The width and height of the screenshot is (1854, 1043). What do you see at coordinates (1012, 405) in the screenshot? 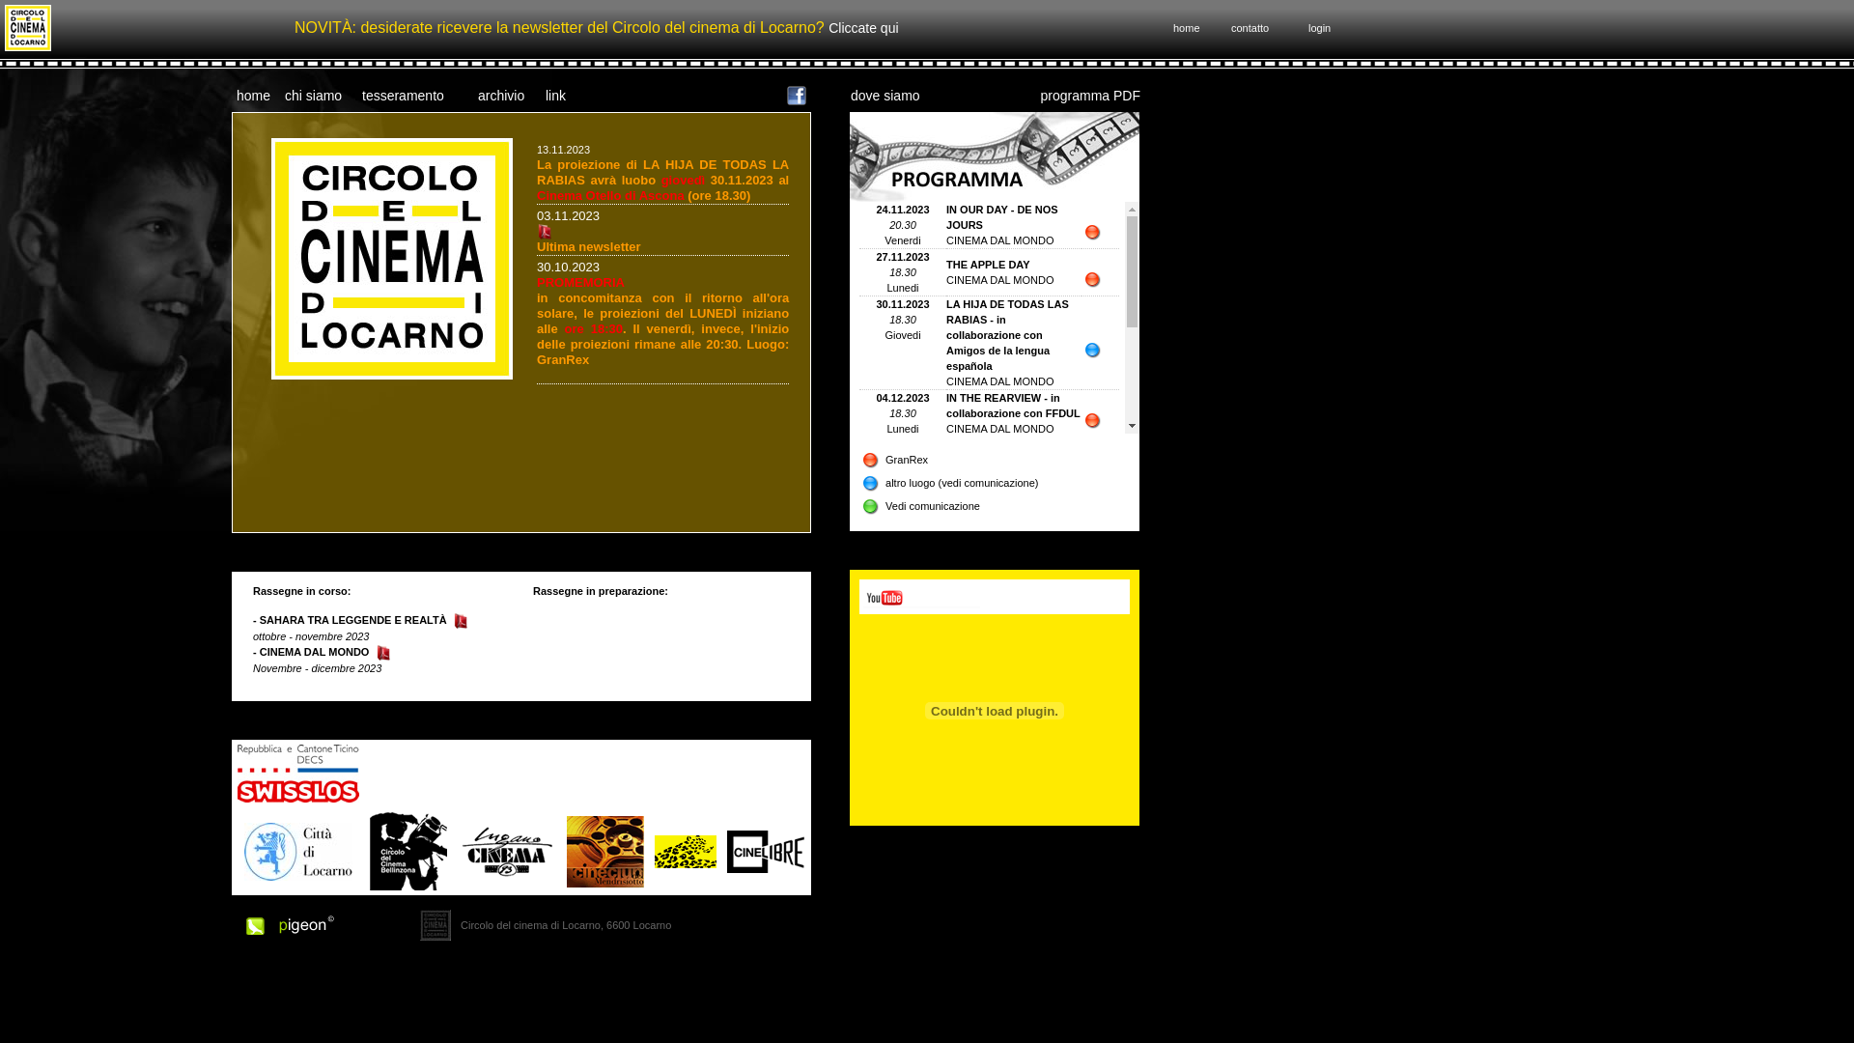
I see `'IN THE REARVIEW - in collaborazione con FFDUL'` at bounding box center [1012, 405].